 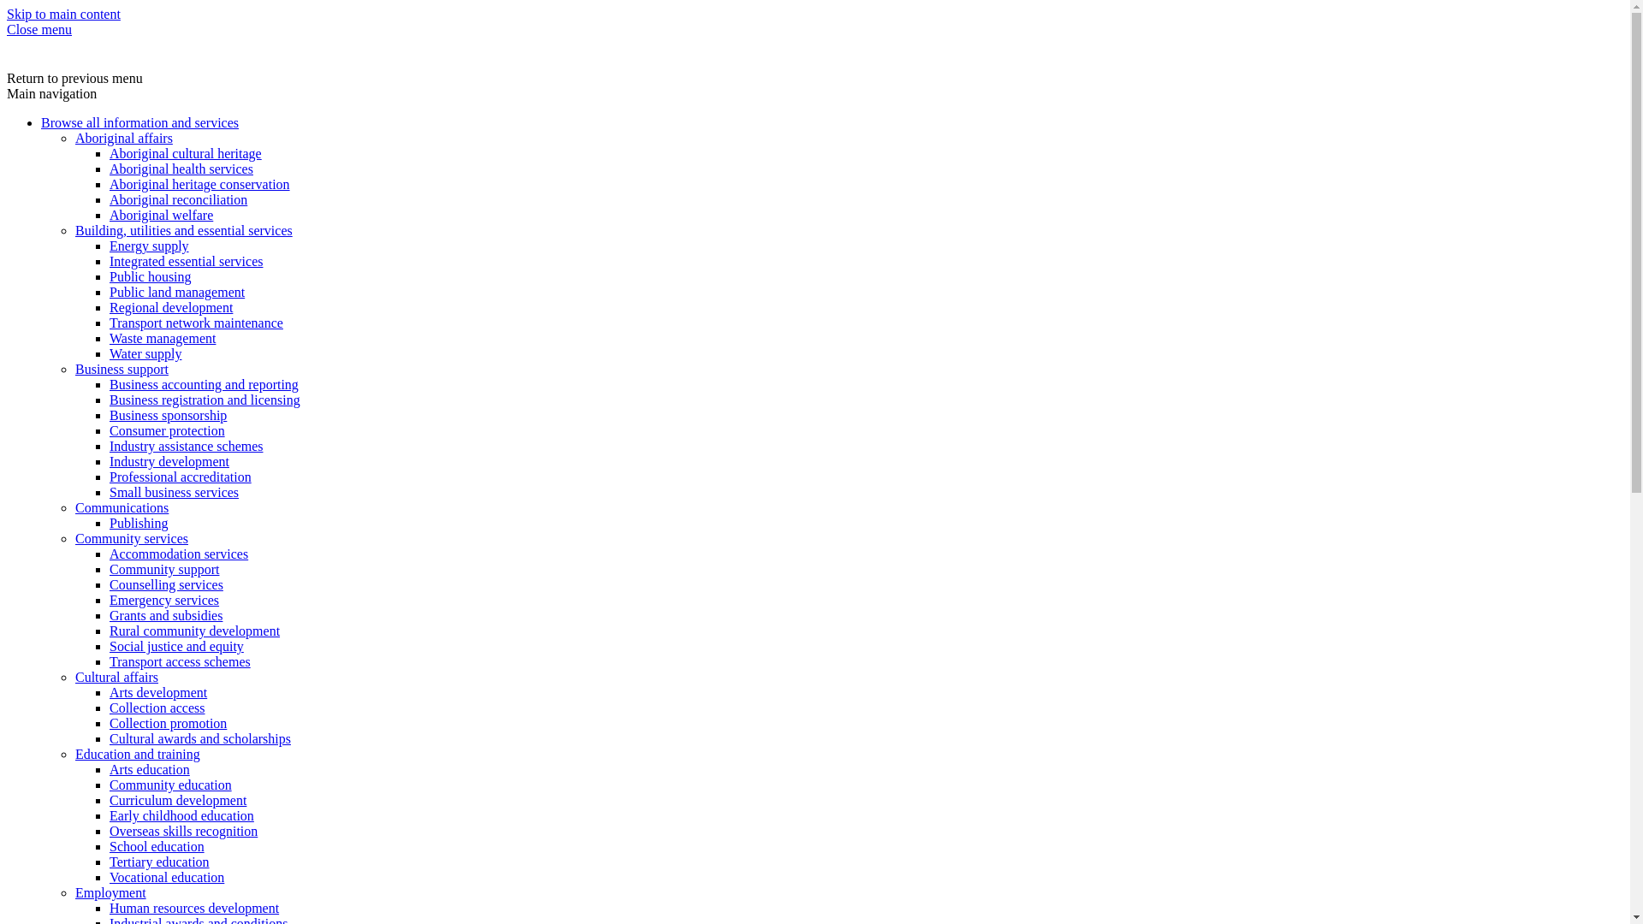 I want to click on 'Aboriginal welfare', so click(x=161, y=214).